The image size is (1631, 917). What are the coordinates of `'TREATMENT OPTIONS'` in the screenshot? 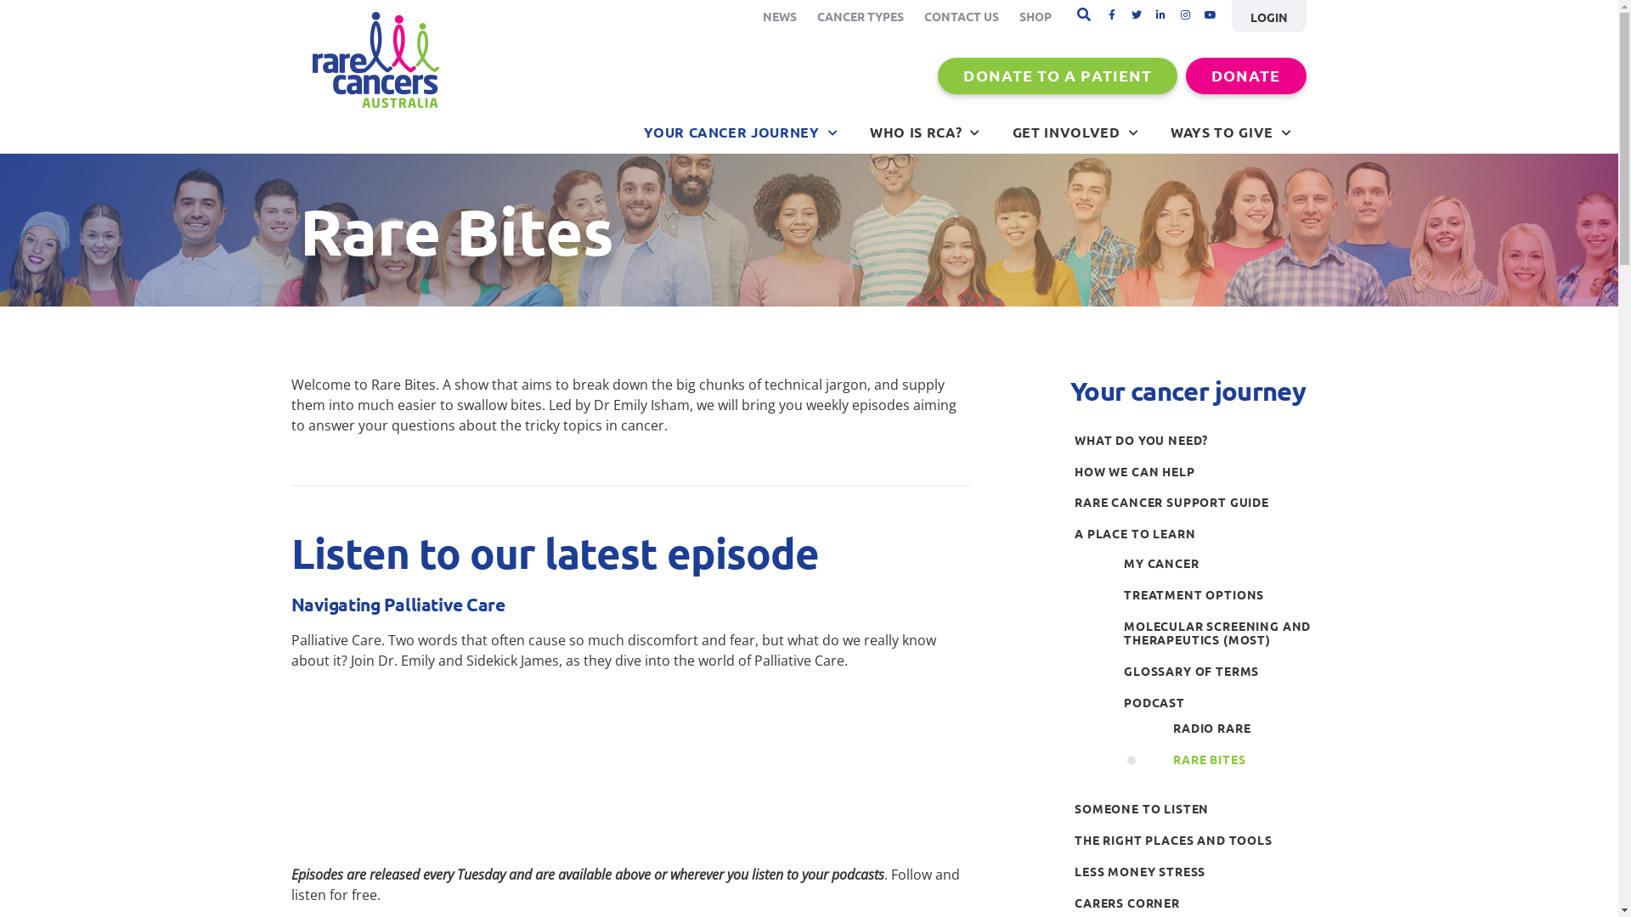 It's located at (1218, 594).